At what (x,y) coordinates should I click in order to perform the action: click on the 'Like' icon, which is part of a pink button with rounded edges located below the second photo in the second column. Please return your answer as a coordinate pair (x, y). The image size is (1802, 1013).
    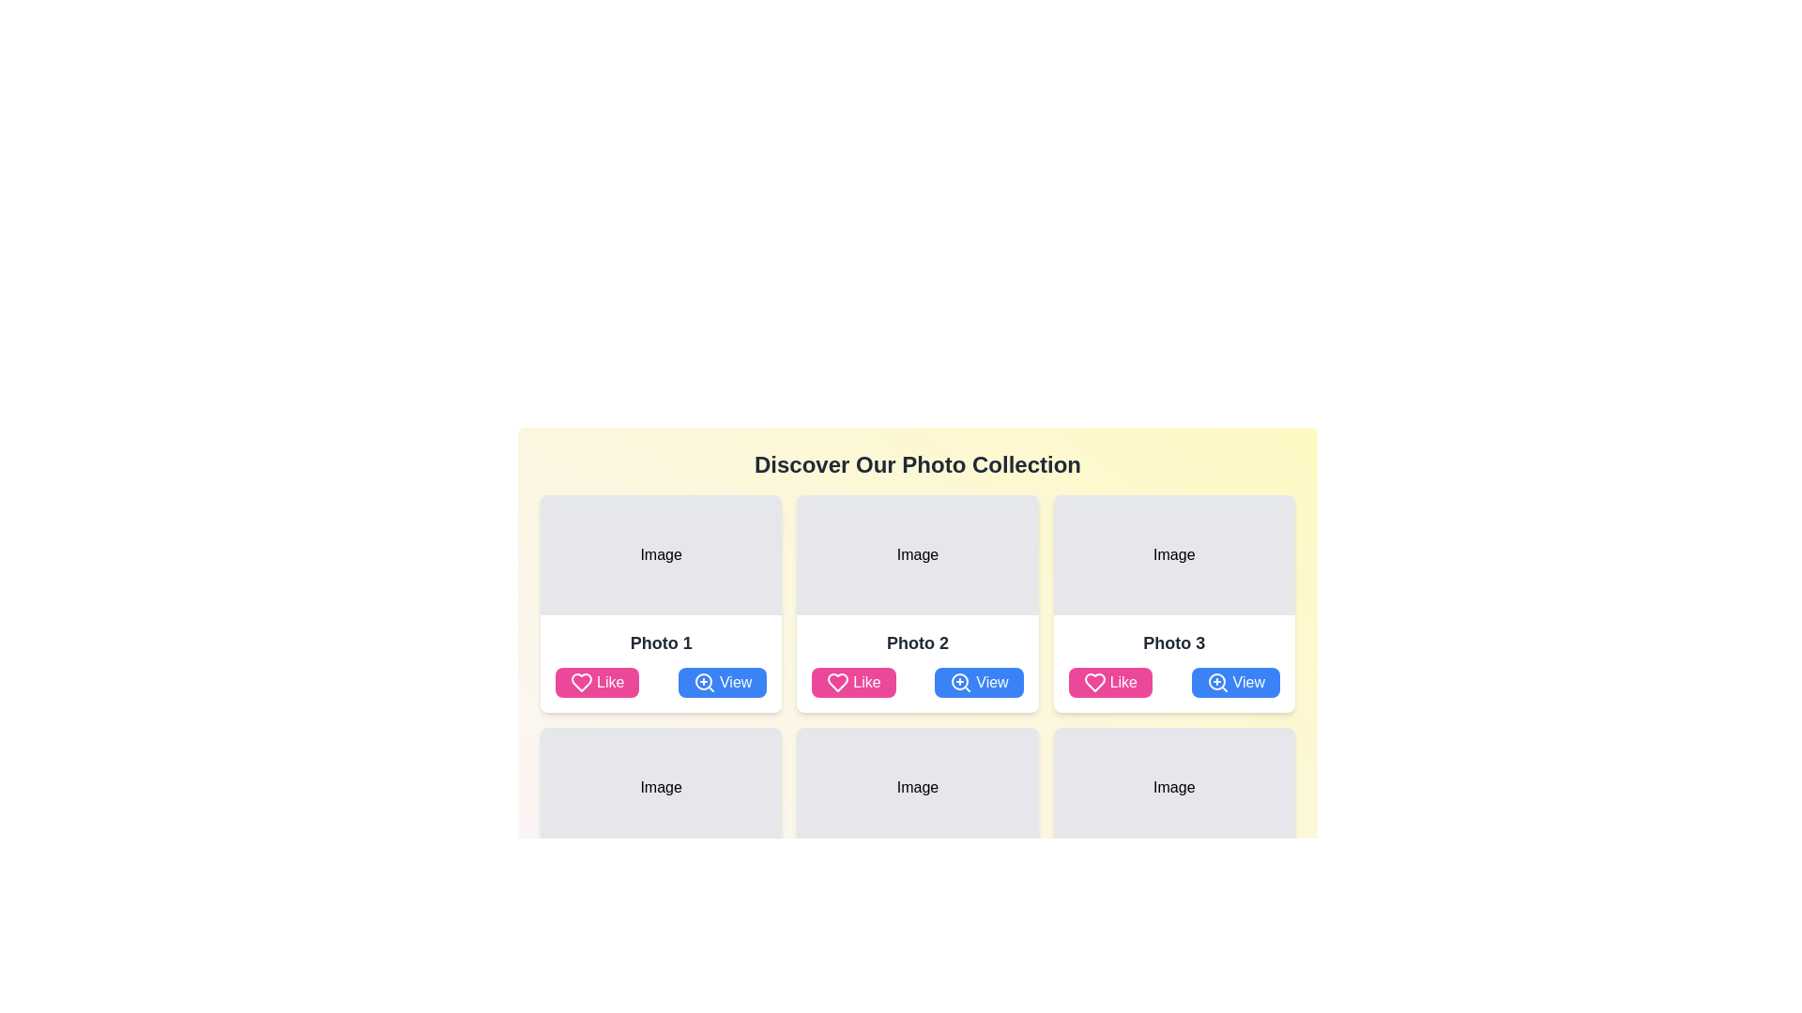
    Looking at the image, I should click on (837, 683).